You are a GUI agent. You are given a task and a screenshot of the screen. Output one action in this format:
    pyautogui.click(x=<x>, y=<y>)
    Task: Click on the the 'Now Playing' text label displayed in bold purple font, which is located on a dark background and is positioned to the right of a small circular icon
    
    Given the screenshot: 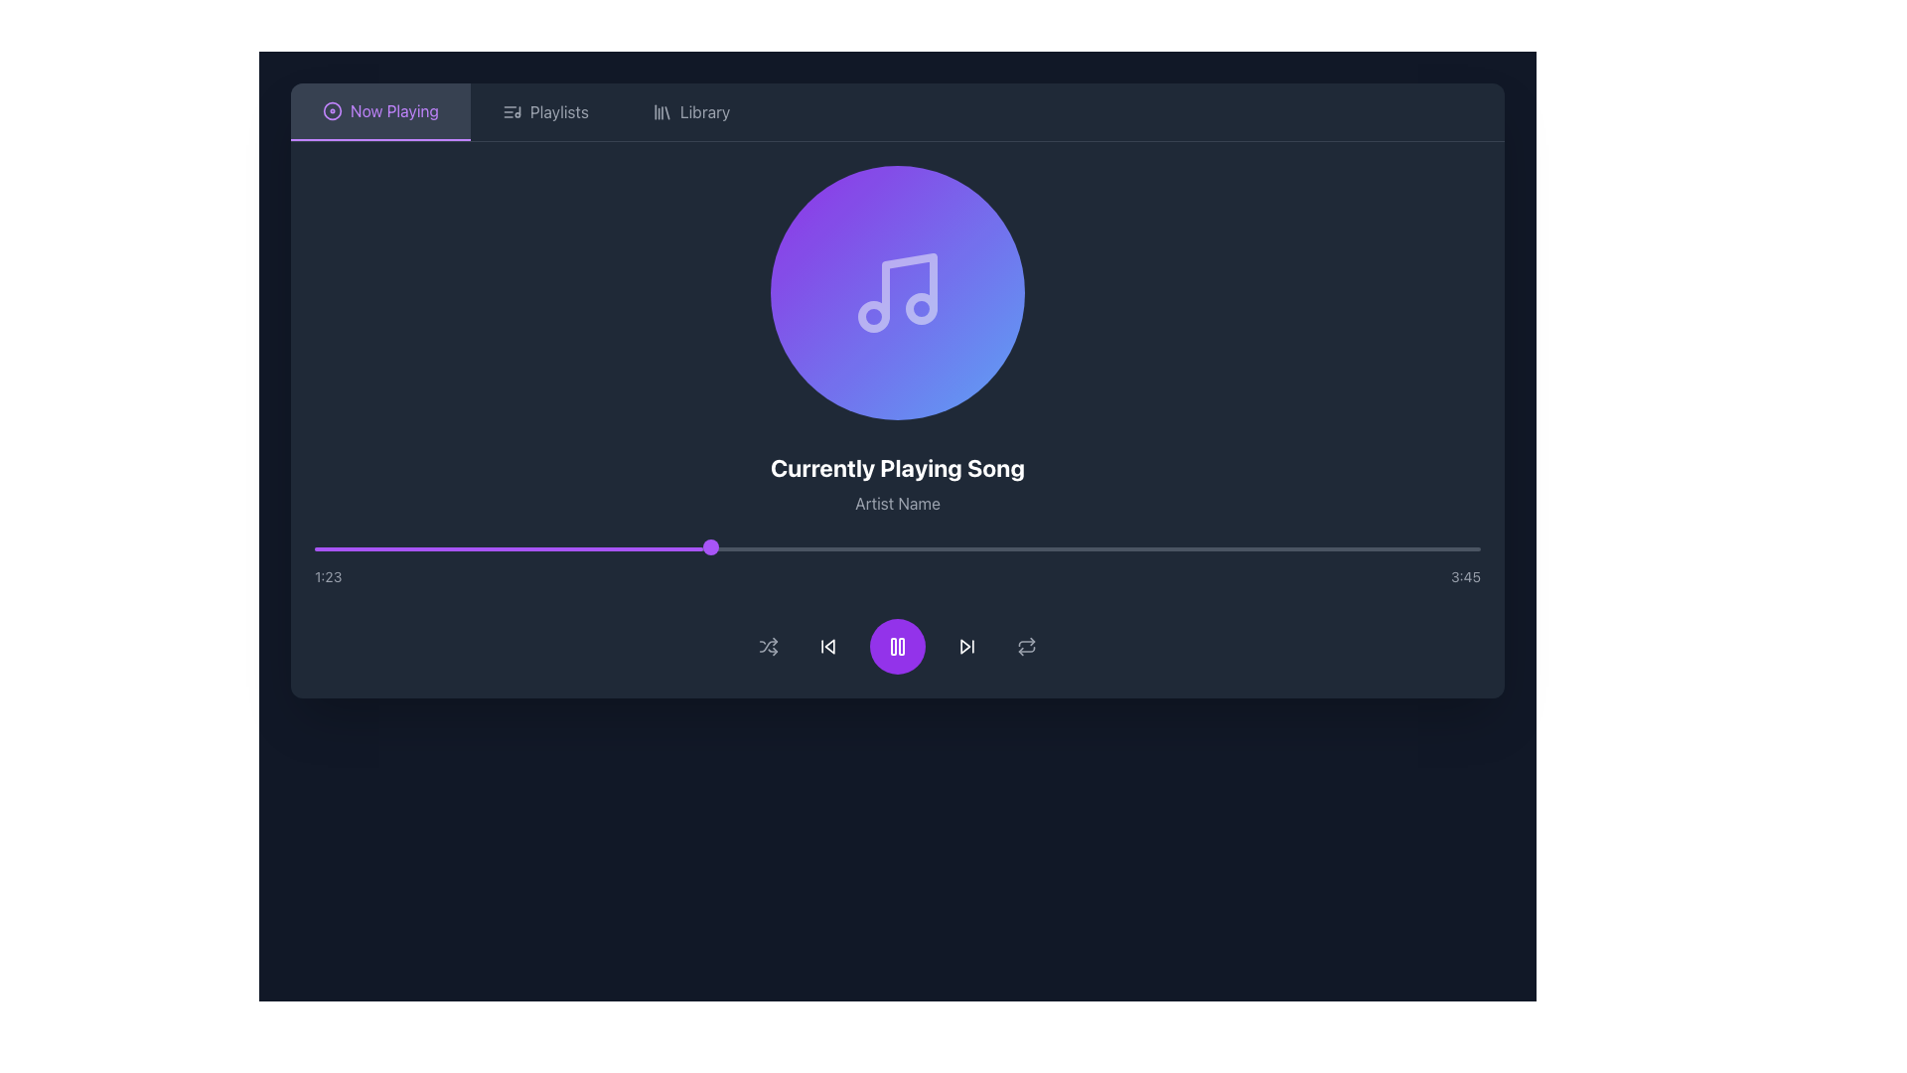 What is the action you would take?
    pyautogui.click(x=394, y=110)
    